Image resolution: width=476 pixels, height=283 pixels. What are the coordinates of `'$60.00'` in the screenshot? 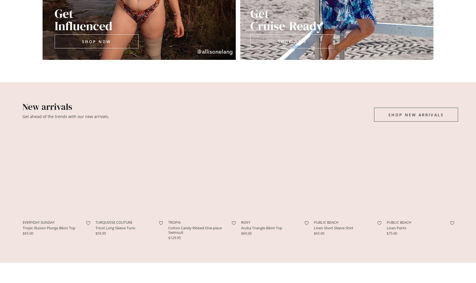 It's located at (246, 233).